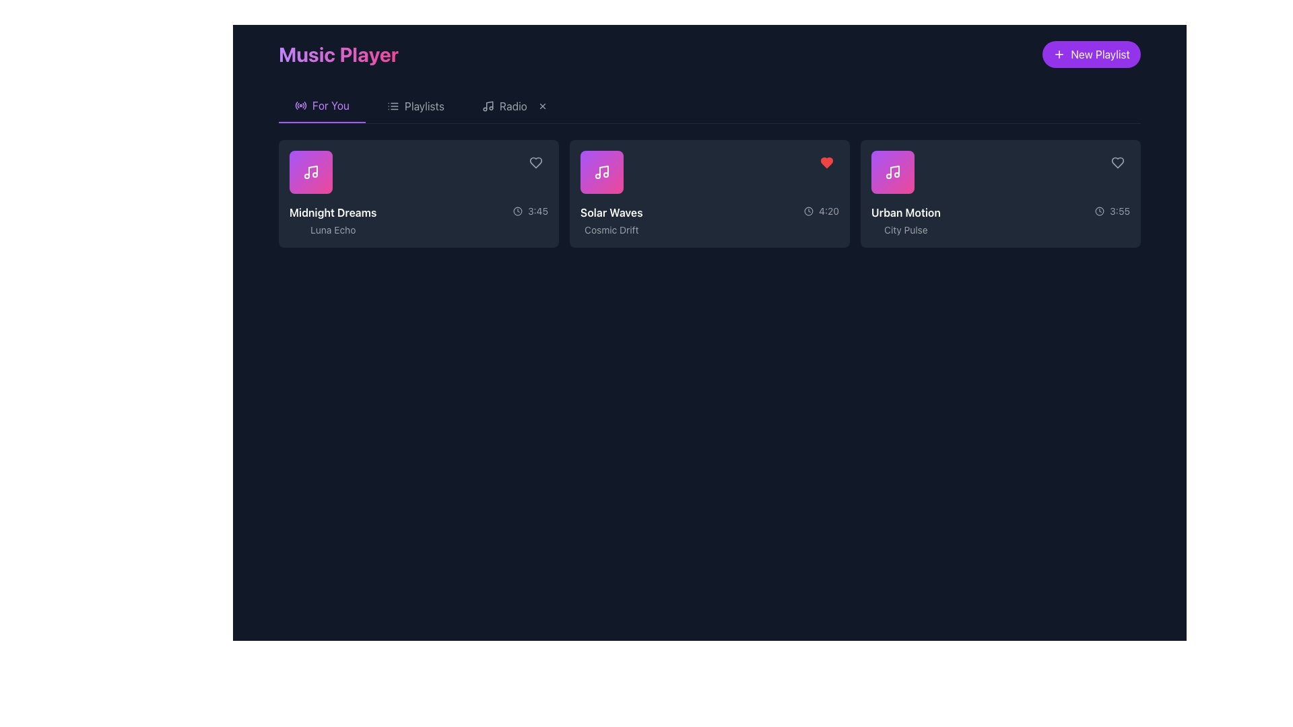 The height and width of the screenshot is (727, 1293). Describe the element at coordinates (611, 212) in the screenshot. I see `text content of the 'Solar Waves' label, which is the topmost text in the second item of a horizontally arranged list of music items` at that location.